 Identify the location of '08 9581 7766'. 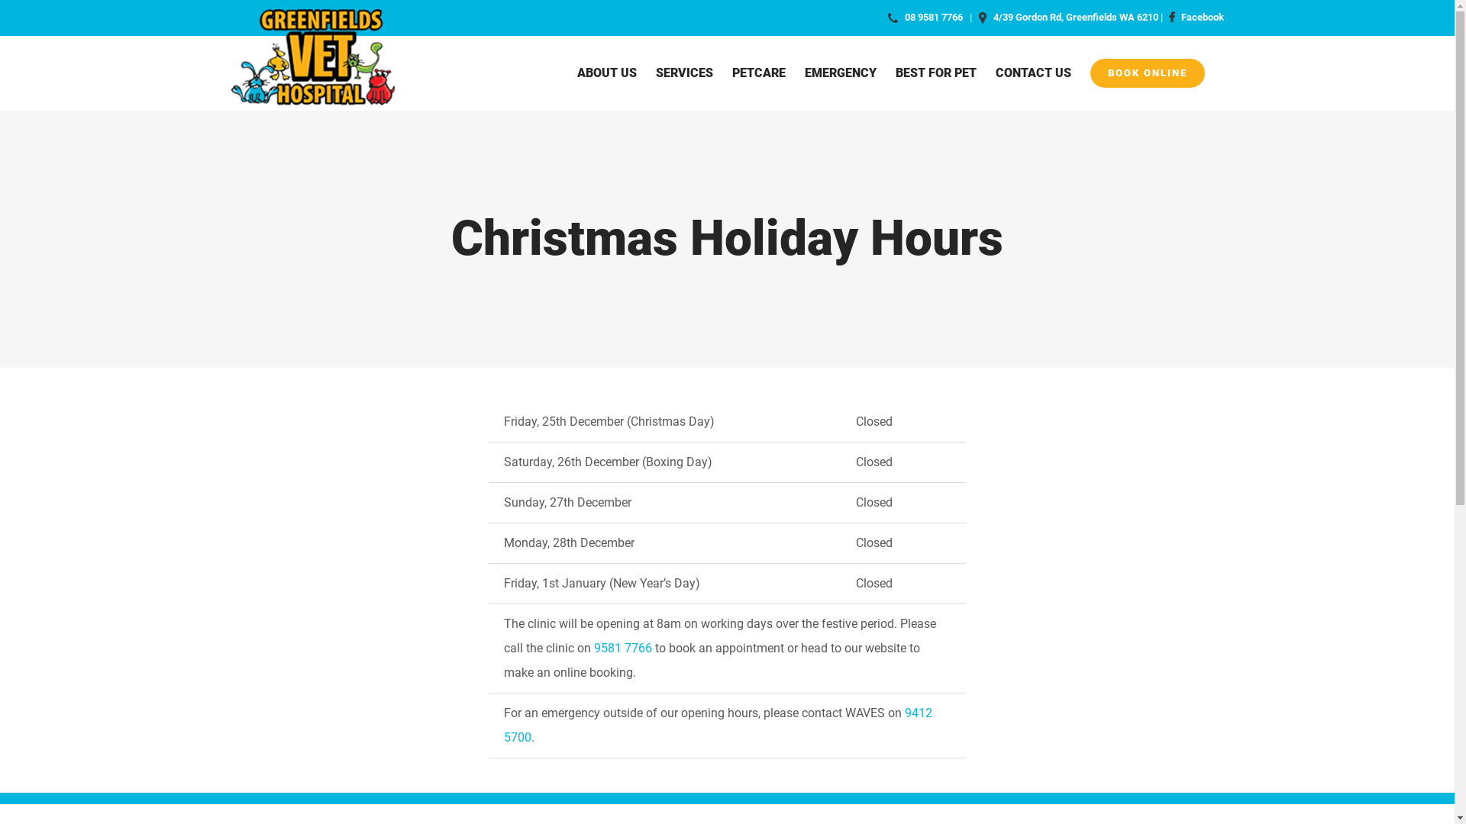
(932, 17).